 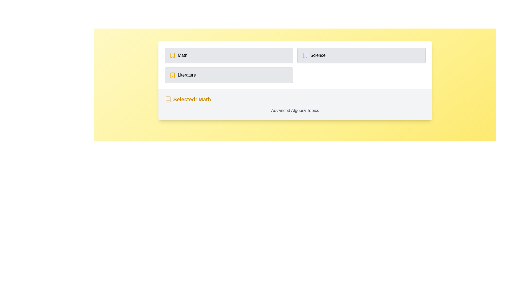 I want to click on the 'Math' label text, so click(x=182, y=55).